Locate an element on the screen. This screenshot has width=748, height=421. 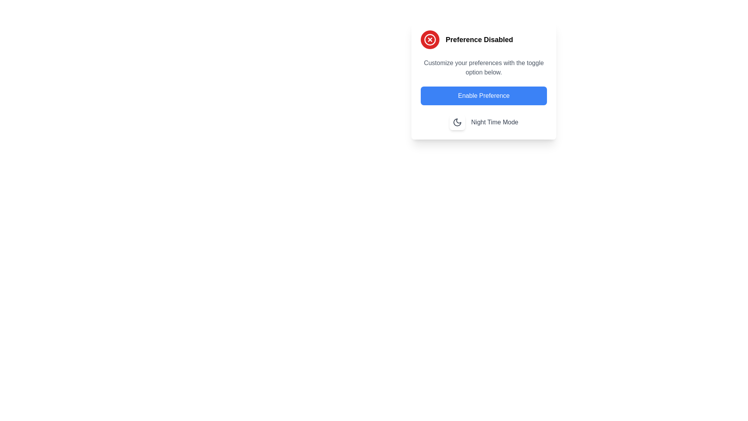
the 'Night Time Mode' icon located in the bottom-right section of the modal interface, next to the text 'Night Time Mode' and below the 'Enable Preference' button is located at coordinates (457, 122).